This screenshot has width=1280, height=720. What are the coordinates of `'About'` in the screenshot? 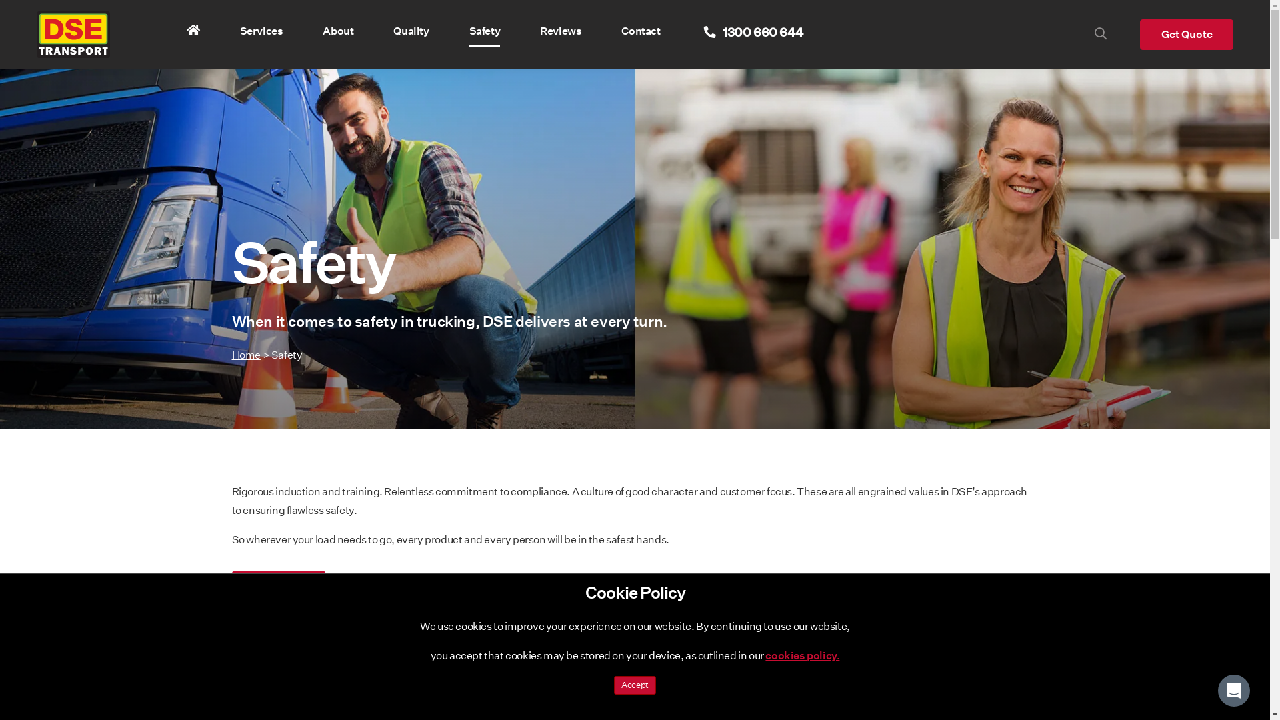 It's located at (338, 30).